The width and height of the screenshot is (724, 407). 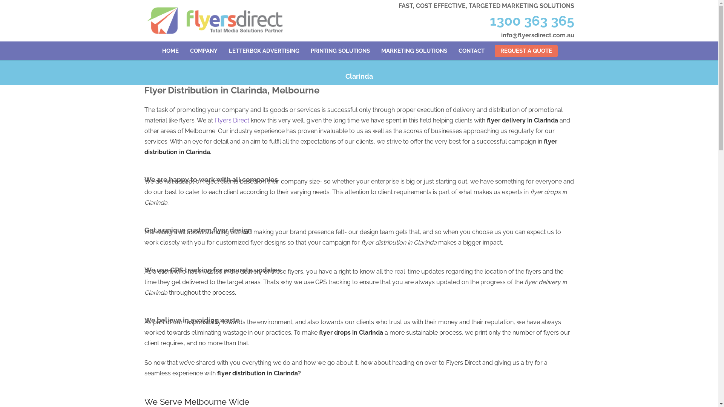 What do you see at coordinates (414, 51) in the screenshot?
I see `'MARKETING SOLUTIONS'` at bounding box center [414, 51].